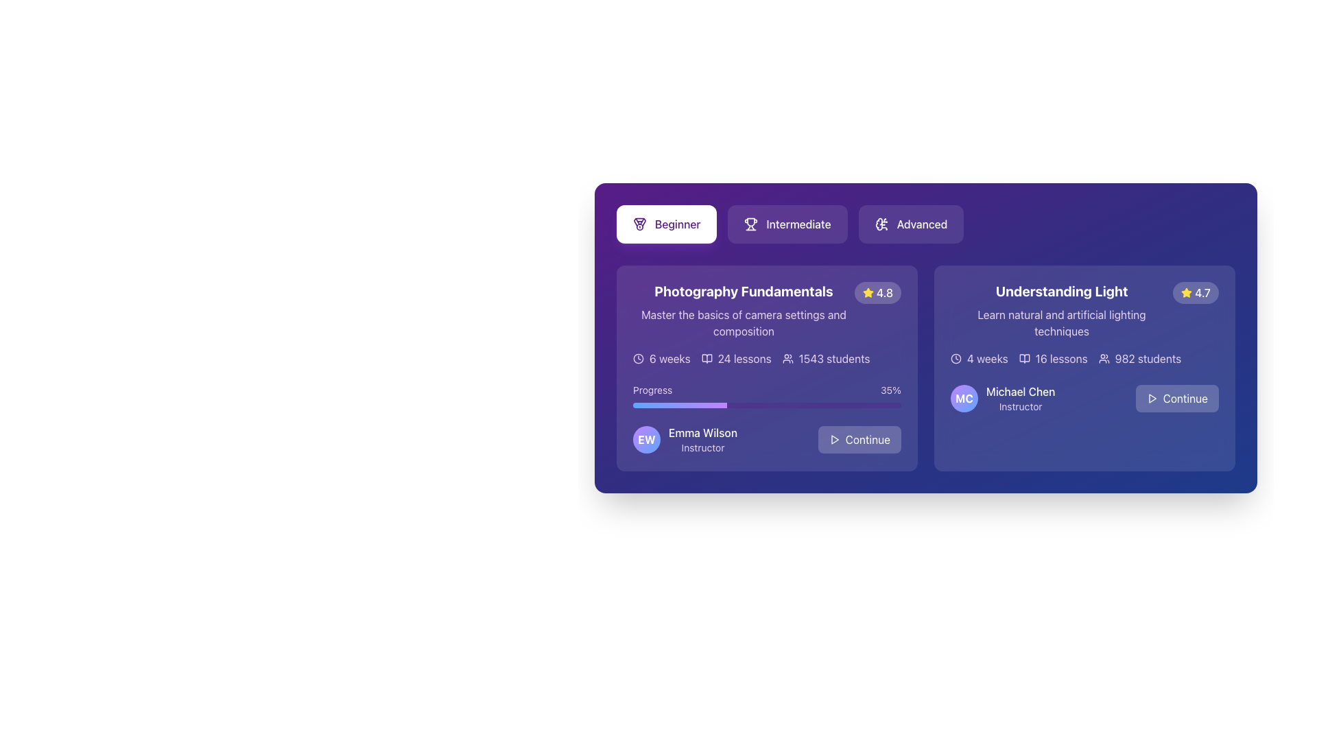  I want to click on the text label that reads 'Master the basics of camera settings and composition.' which is positioned below the bold text 'Photography Fundamentals' in the leftmost card of a group of content cards, so click(743, 322).